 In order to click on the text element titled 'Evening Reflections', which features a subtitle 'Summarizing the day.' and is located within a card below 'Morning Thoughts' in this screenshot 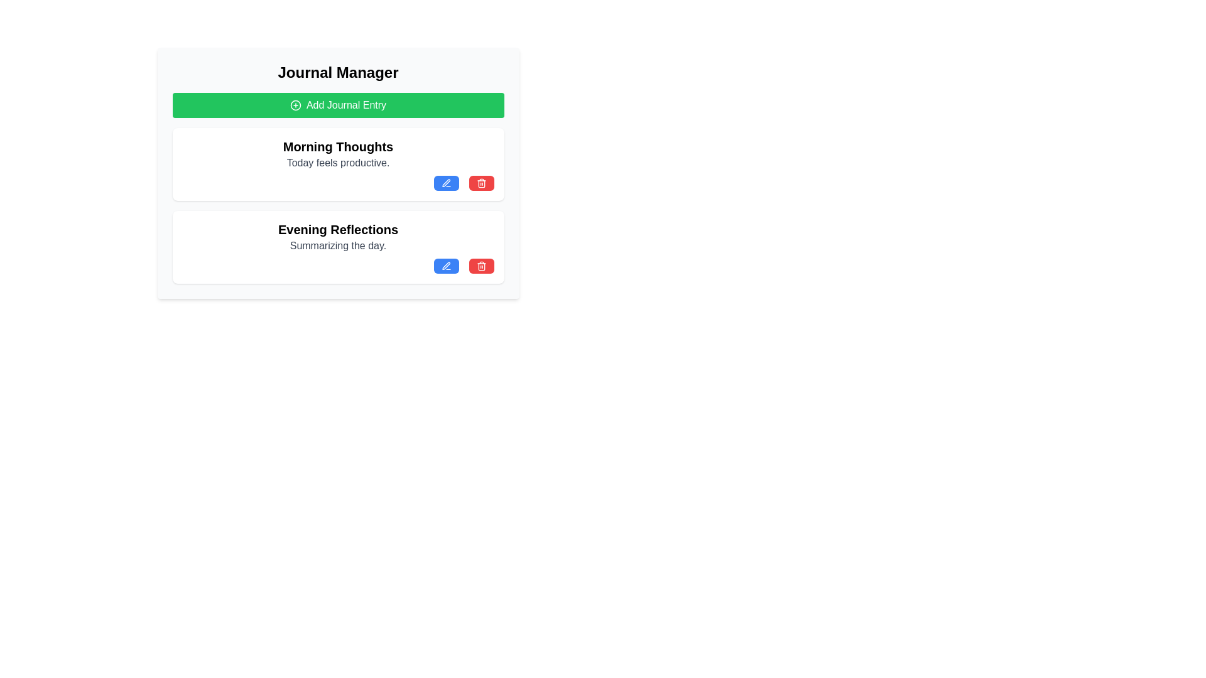, I will do `click(338, 237)`.